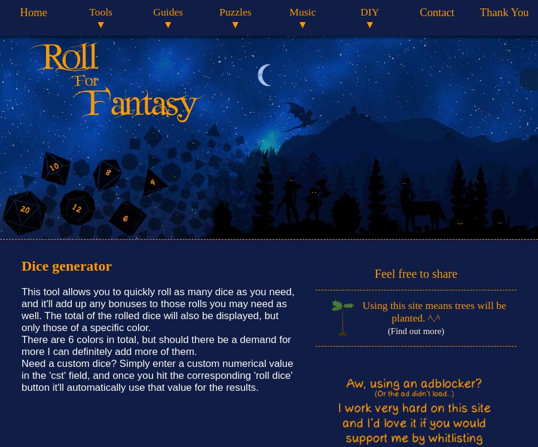 The width and height of the screenshot is (538, 447). I want to click on 'Home', so click(32, 12).